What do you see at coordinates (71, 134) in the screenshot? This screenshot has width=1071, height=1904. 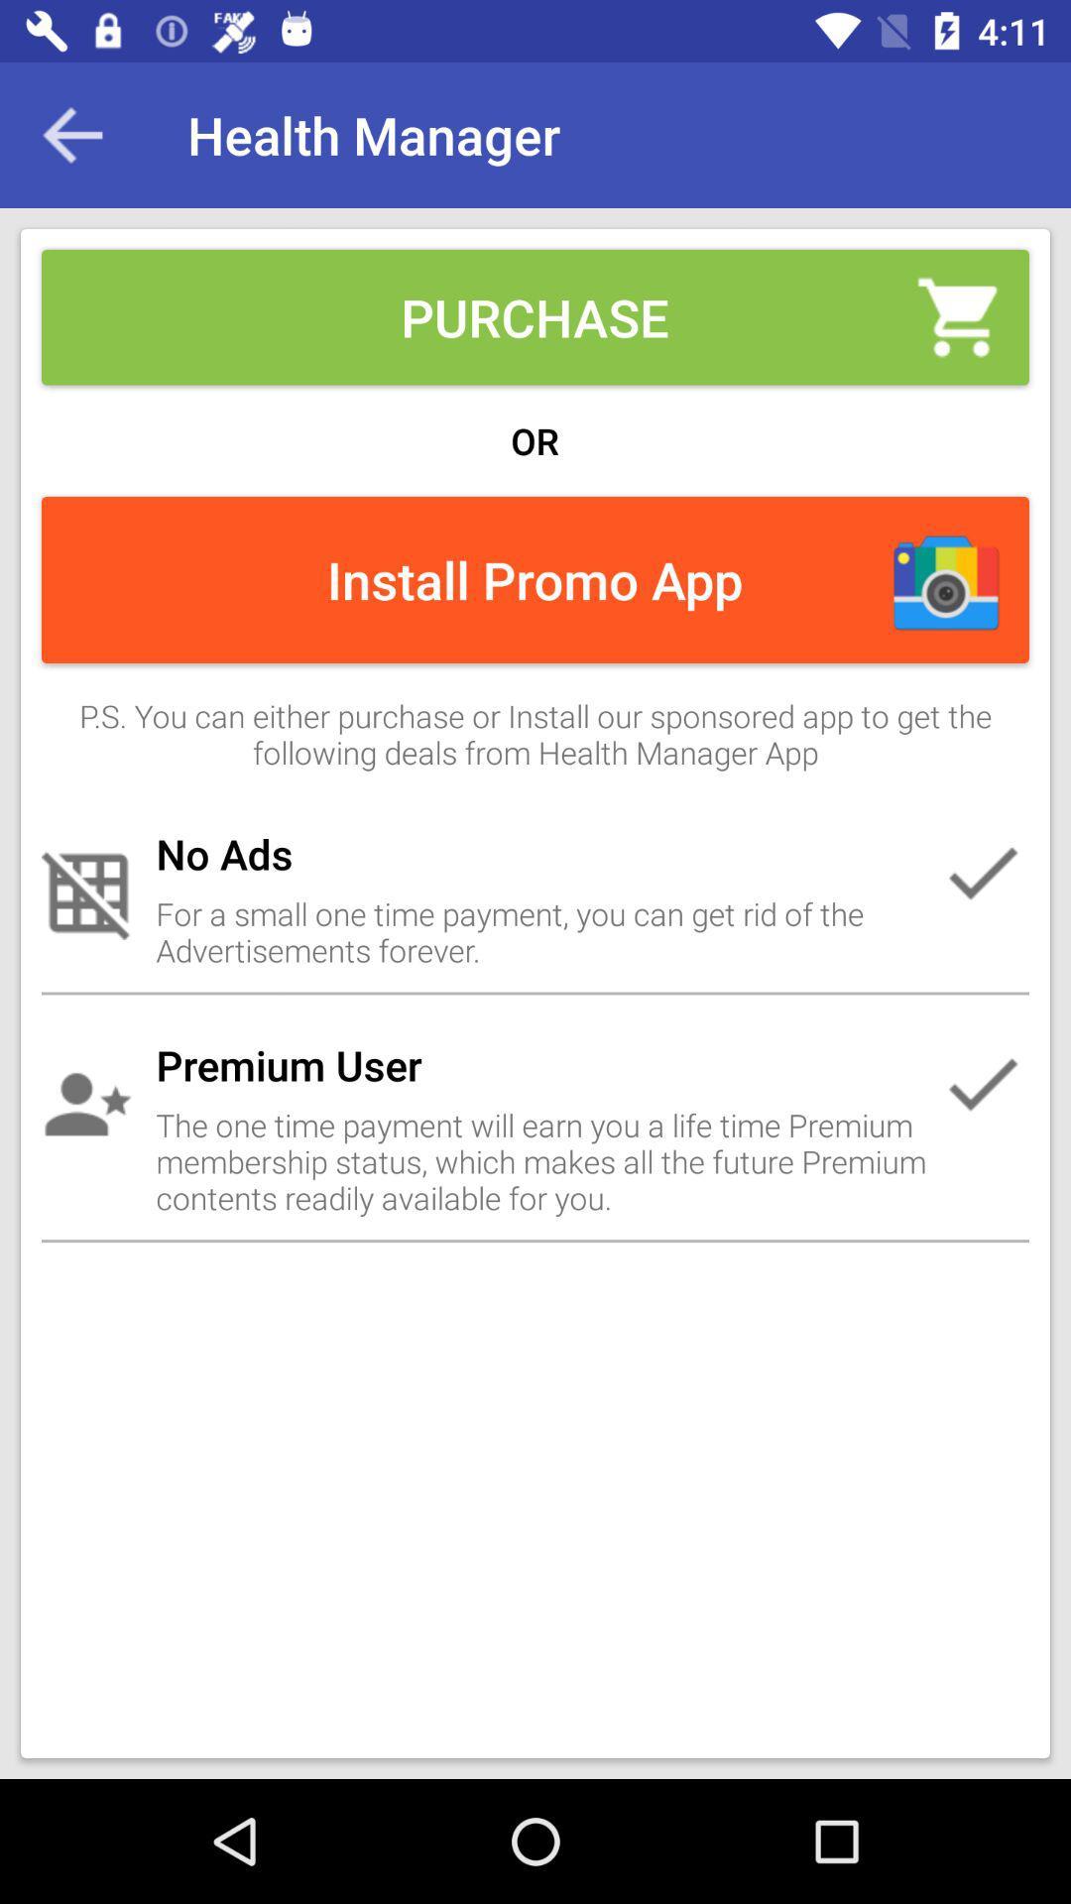 I see `item at the top left corner` at bounding box center [71, 134].